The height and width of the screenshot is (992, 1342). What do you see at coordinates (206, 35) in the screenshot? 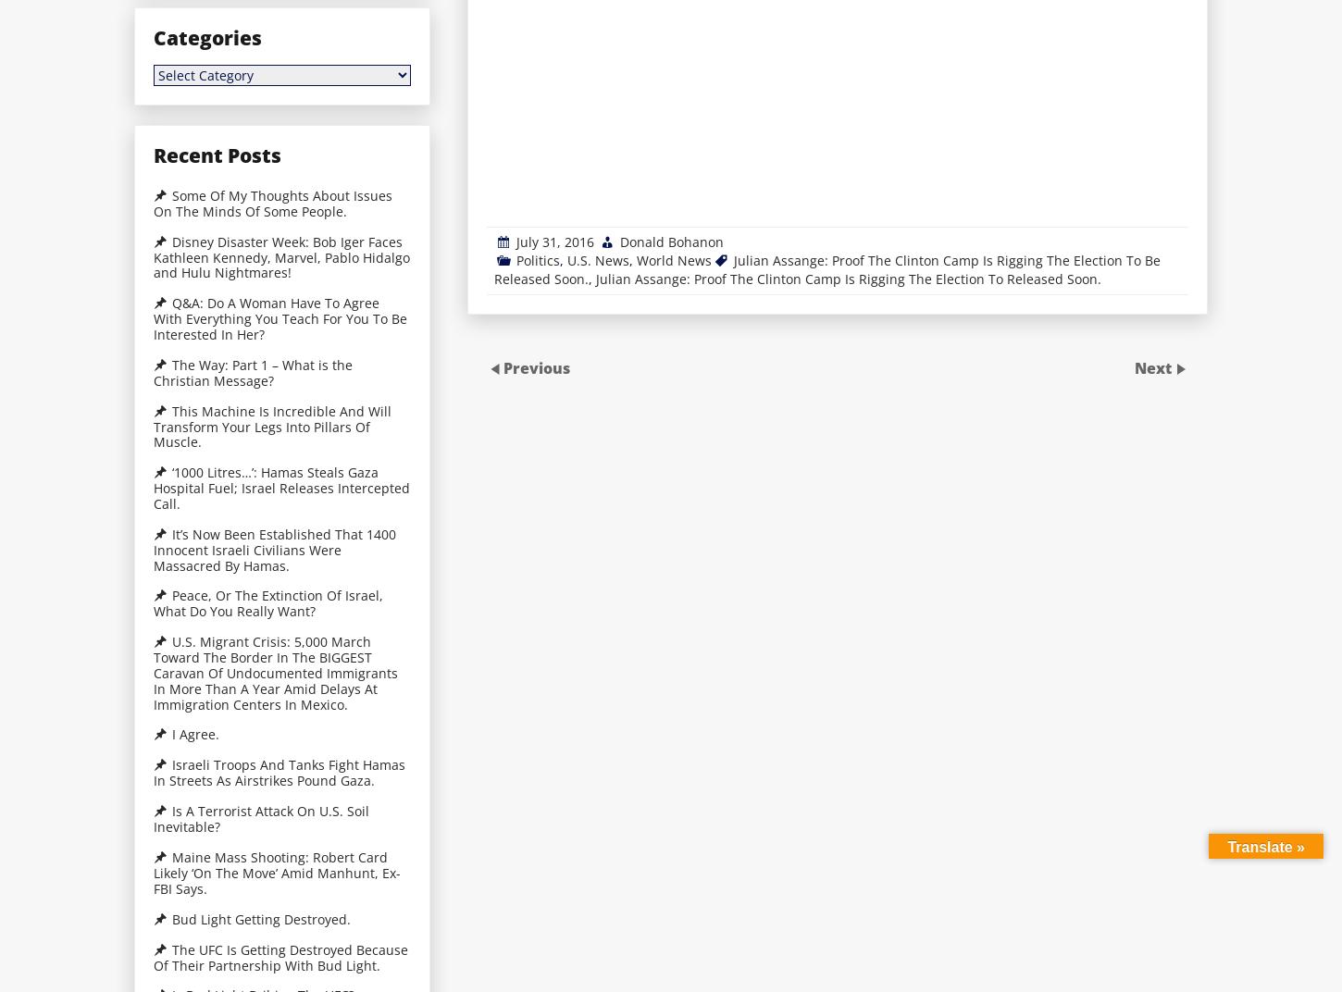
I see `'Categories'` at bounding box center [206, 35].